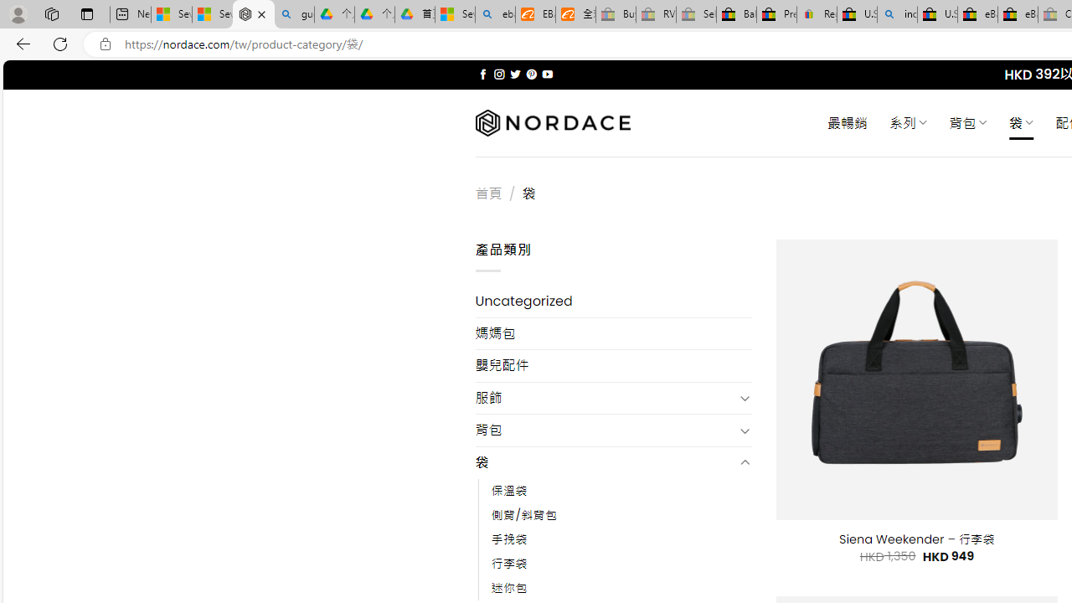 The width and height of the screenshot is (1072, 603). Describe the element at coordinates (482, 74) in the screenshot. I see `'Follow on Facebook'` at that location.